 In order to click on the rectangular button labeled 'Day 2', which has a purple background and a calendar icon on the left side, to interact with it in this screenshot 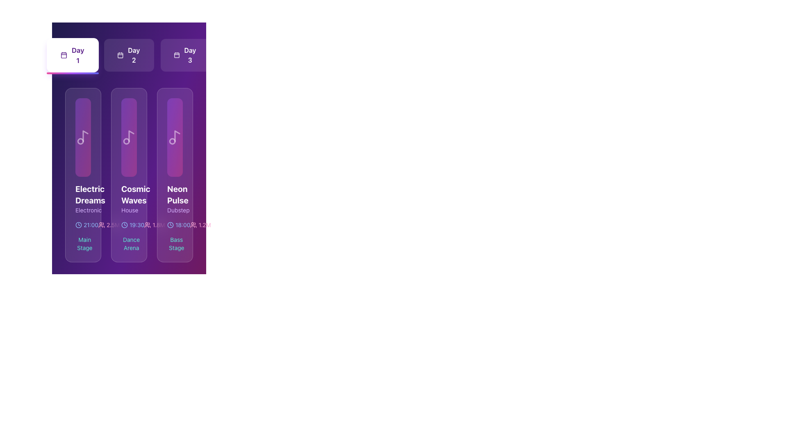, I will do `click(129, 55)`.